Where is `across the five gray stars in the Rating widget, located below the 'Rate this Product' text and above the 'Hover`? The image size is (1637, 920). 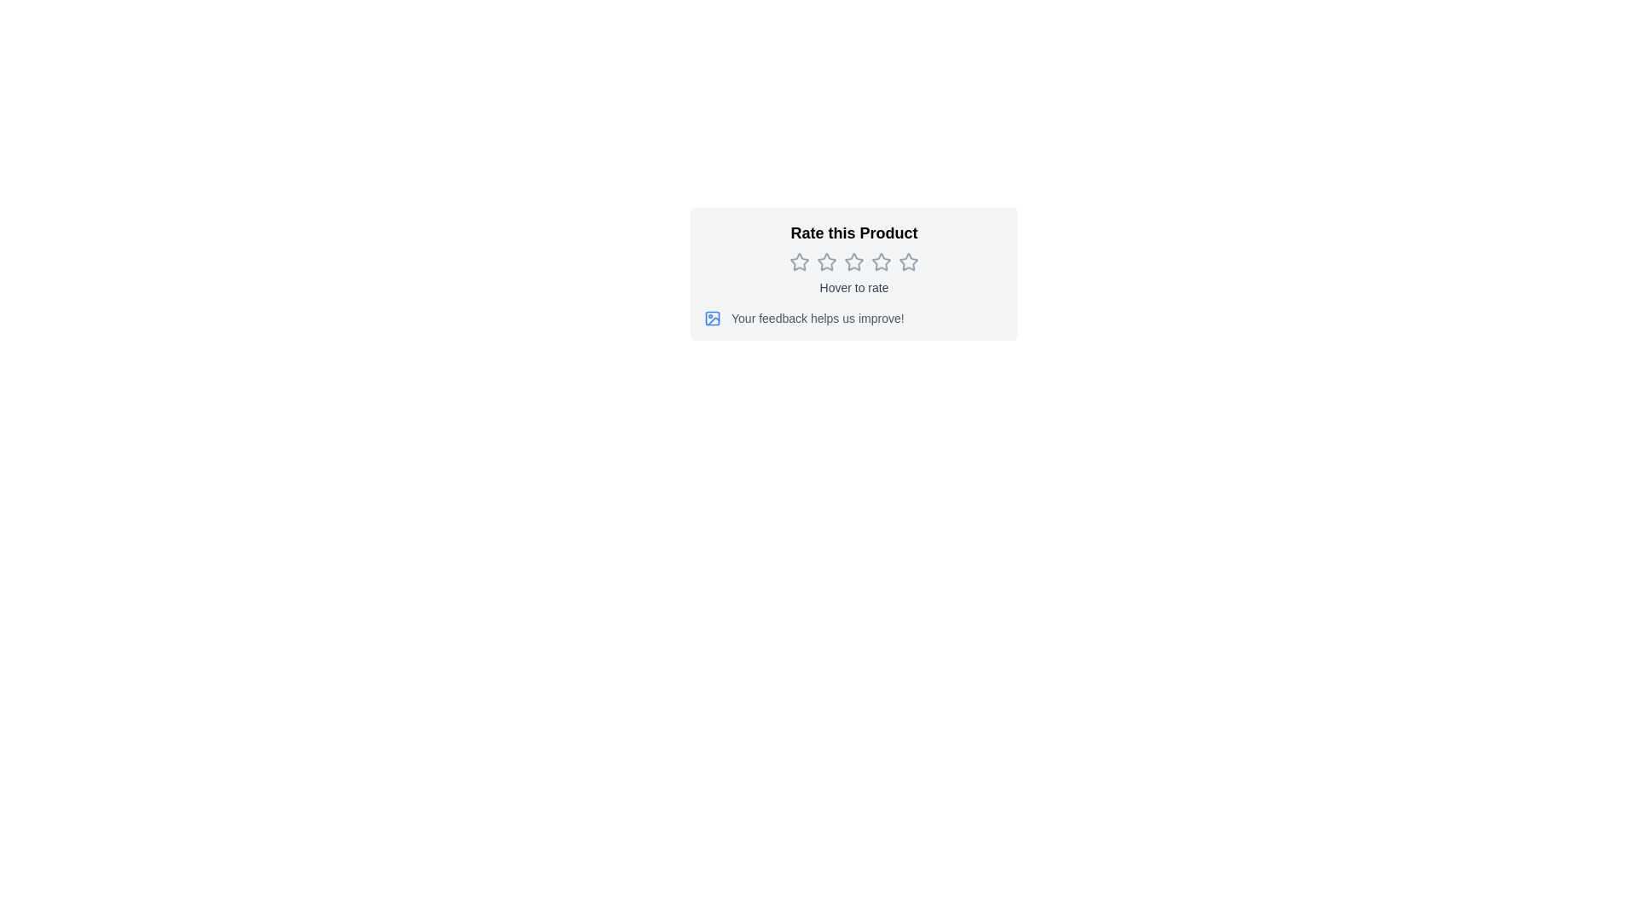
across the five gray stars in the Rating widget, located below the 'Rate this Product' text and above the 'Hover is located at coordinates (854, 262).